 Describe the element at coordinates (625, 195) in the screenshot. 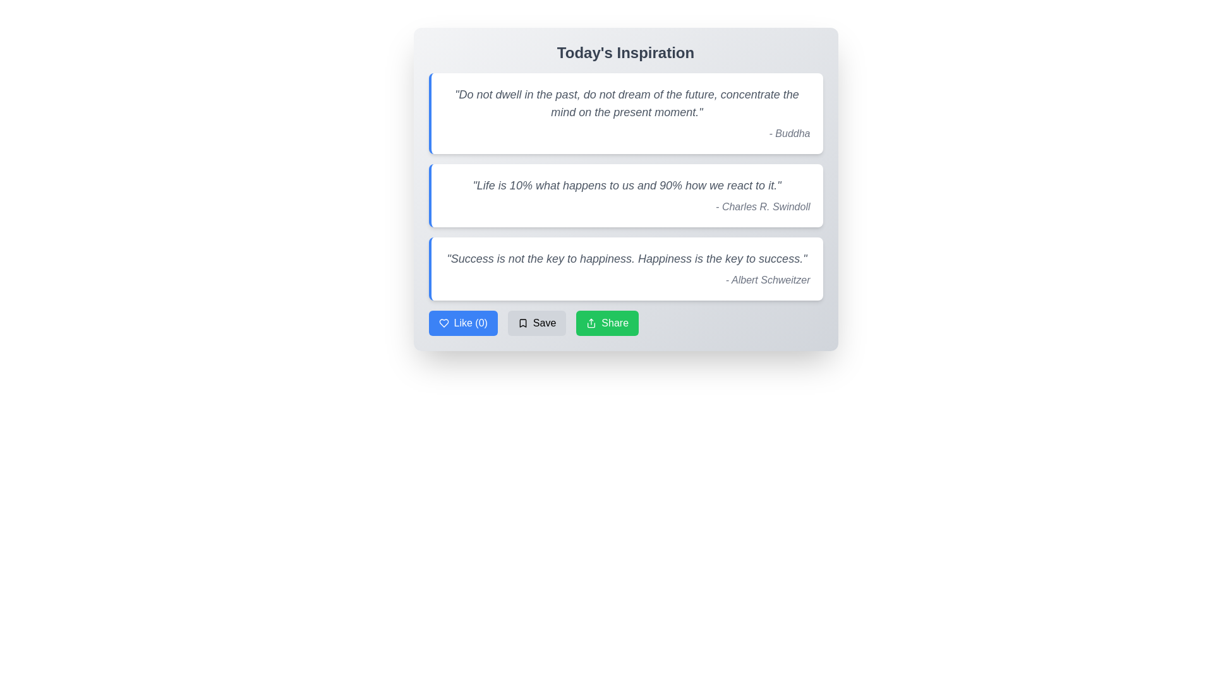

I see `the Textual content block displaying the quote 'Life is 10% what happens to us and 90% how we react to it.' by Charles R. Swindoll` at that location.